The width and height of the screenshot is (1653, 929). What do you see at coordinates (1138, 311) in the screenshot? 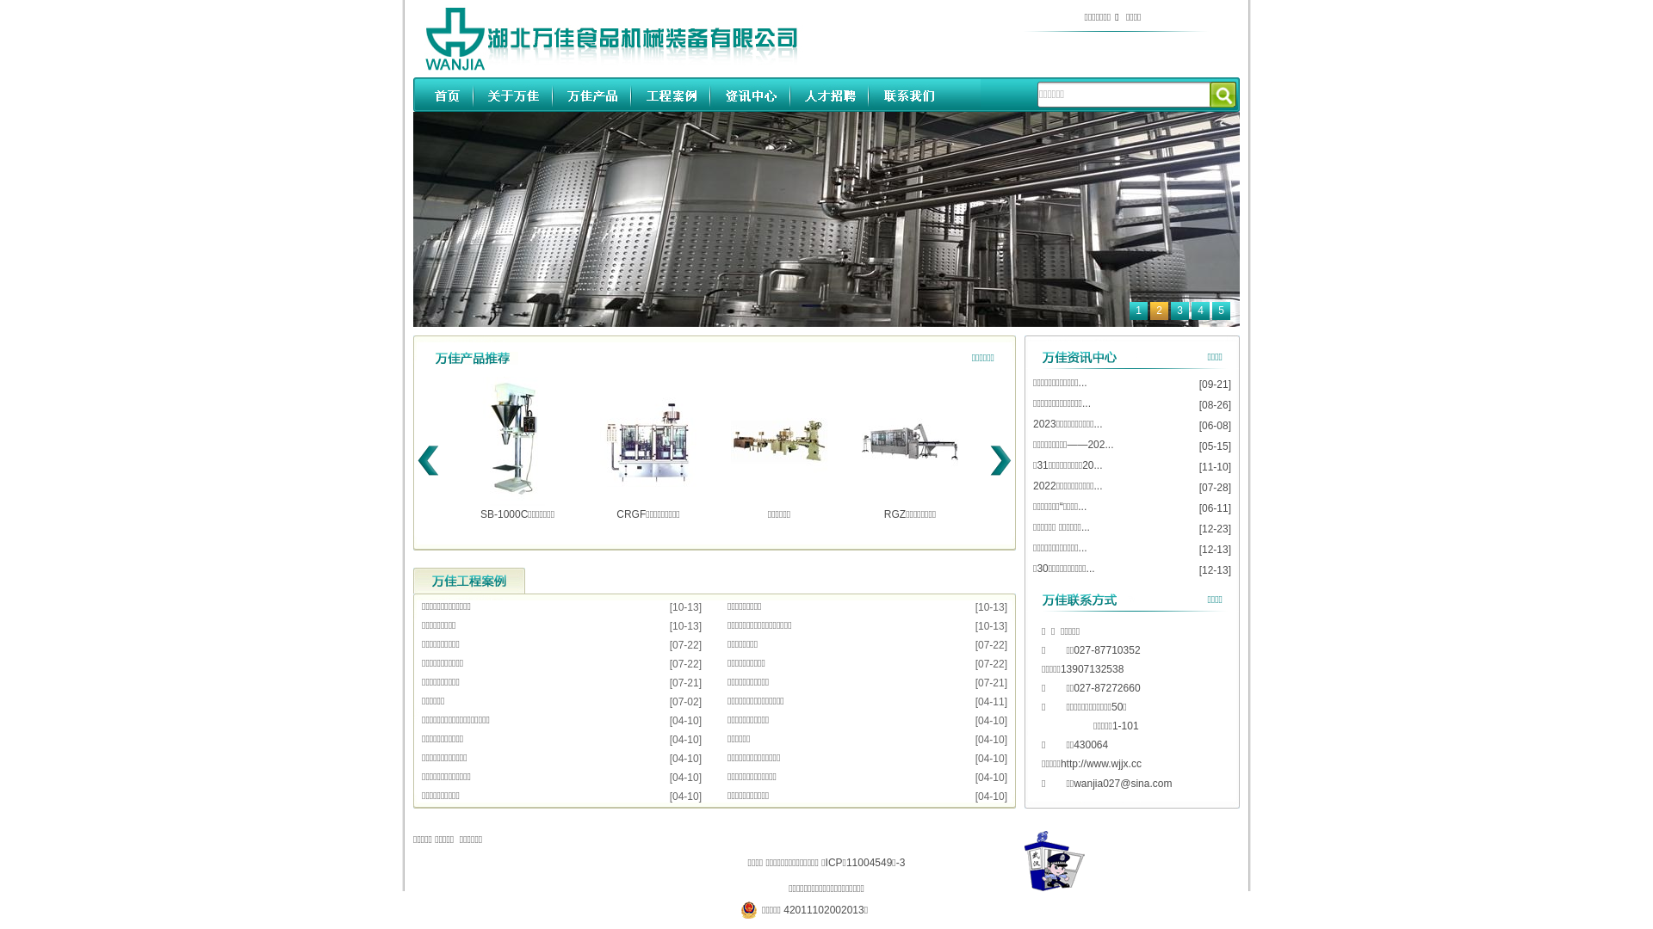
I see `'1'` at bounding box center [1138, 311].